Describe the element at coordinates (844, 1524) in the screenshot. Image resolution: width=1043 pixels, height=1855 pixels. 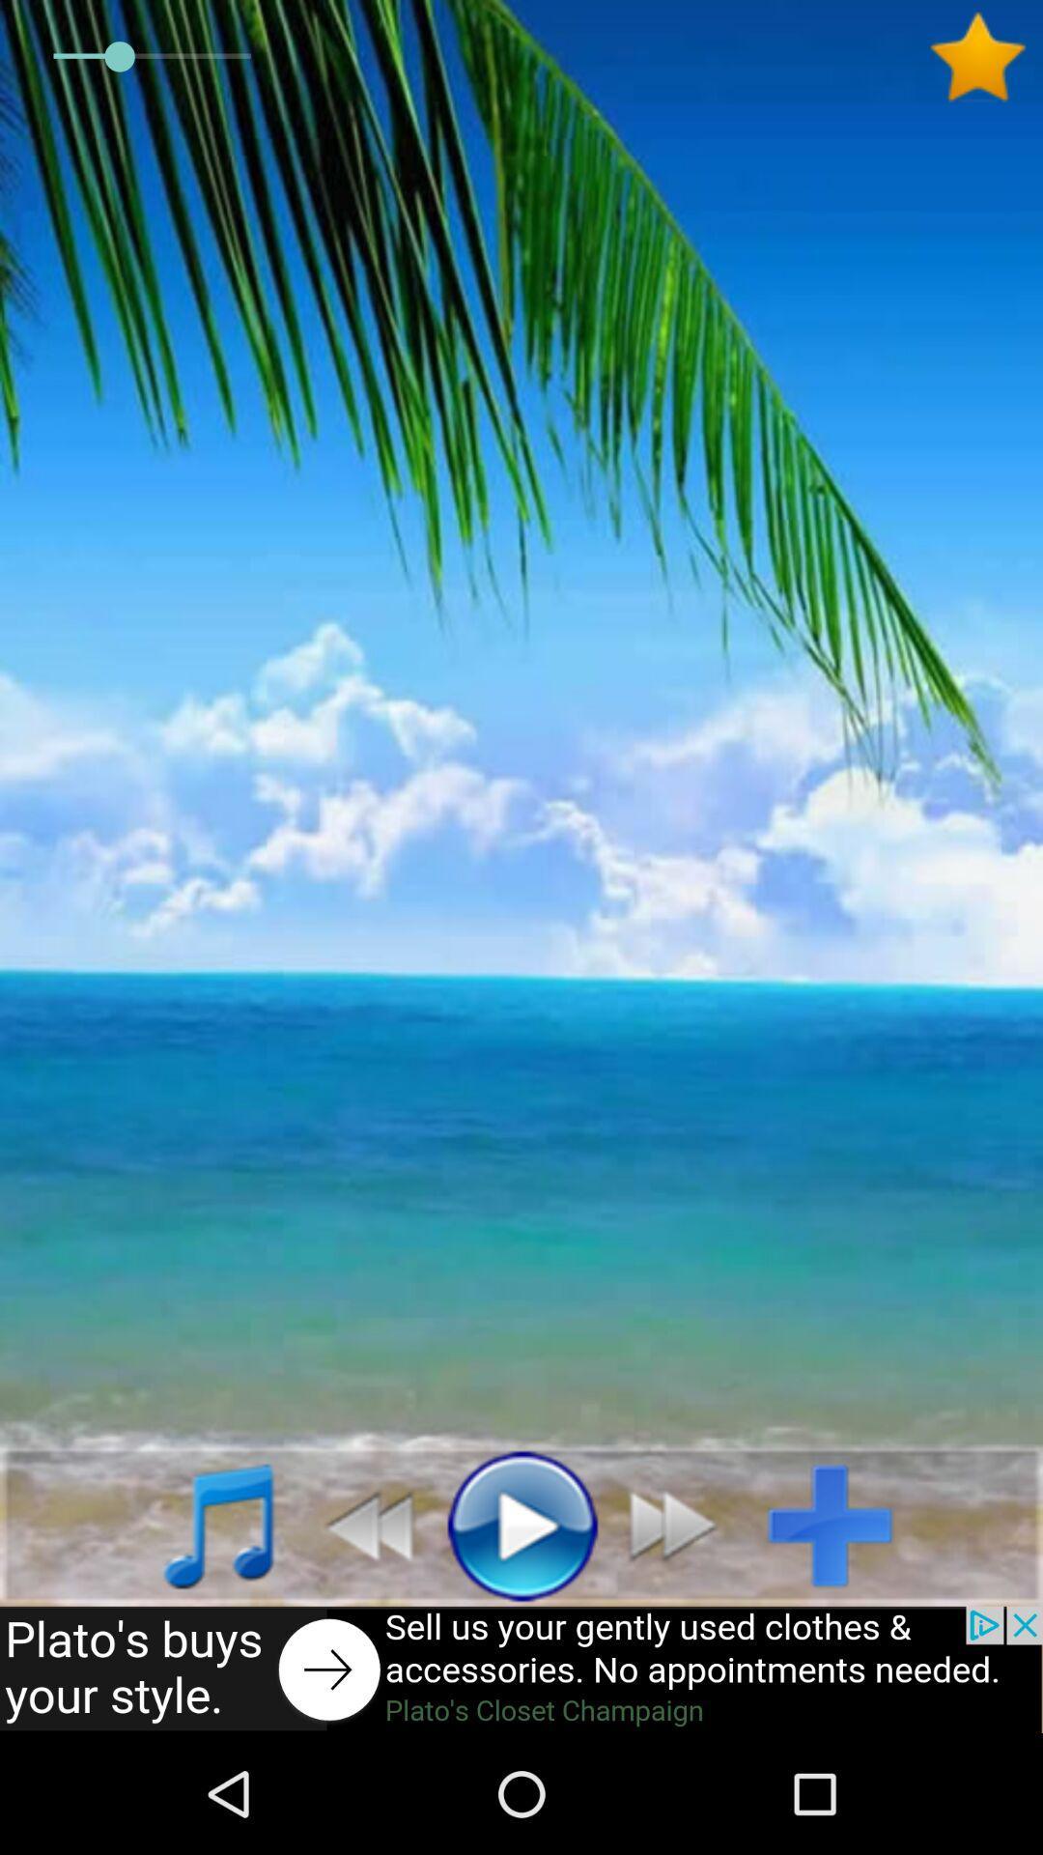
I see `add option` at that location.